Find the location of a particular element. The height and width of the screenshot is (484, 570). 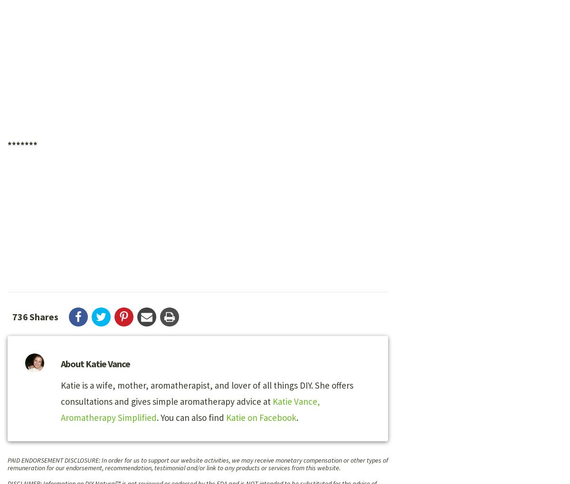

'*******' is located at coordinates (22, 144).